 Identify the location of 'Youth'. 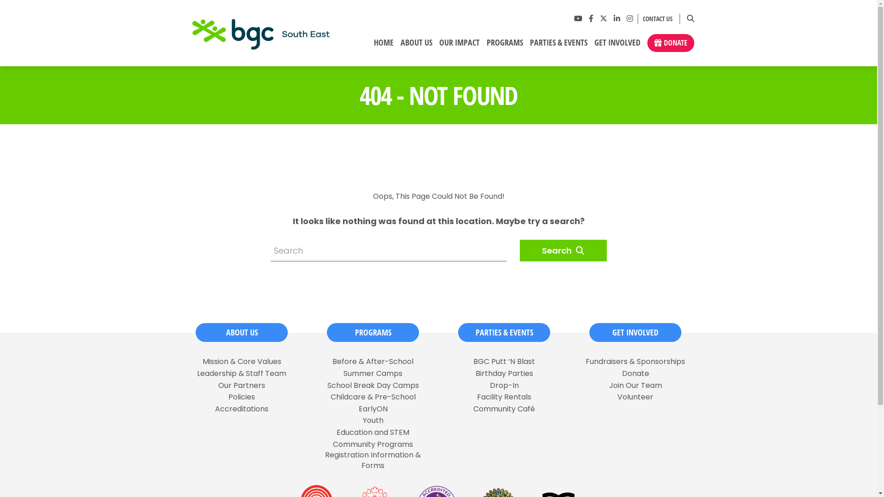
(373, 421).